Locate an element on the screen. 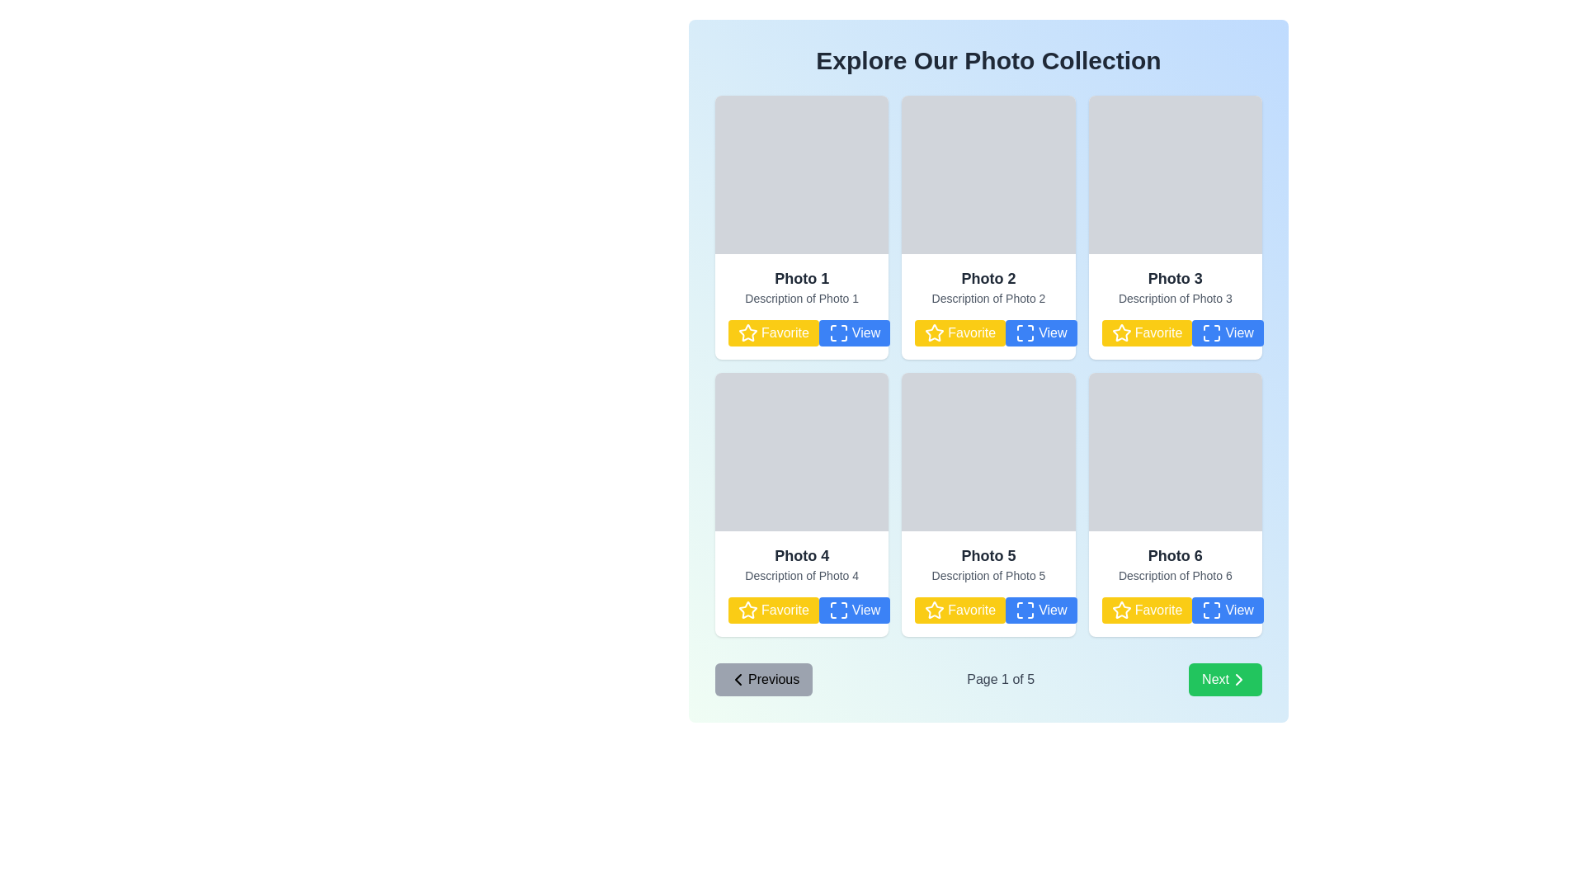  the image placeholder in the fifth card labeled 'Photo 5' with the description 'Description of Photo 5' is located at coordinates (988, 451).